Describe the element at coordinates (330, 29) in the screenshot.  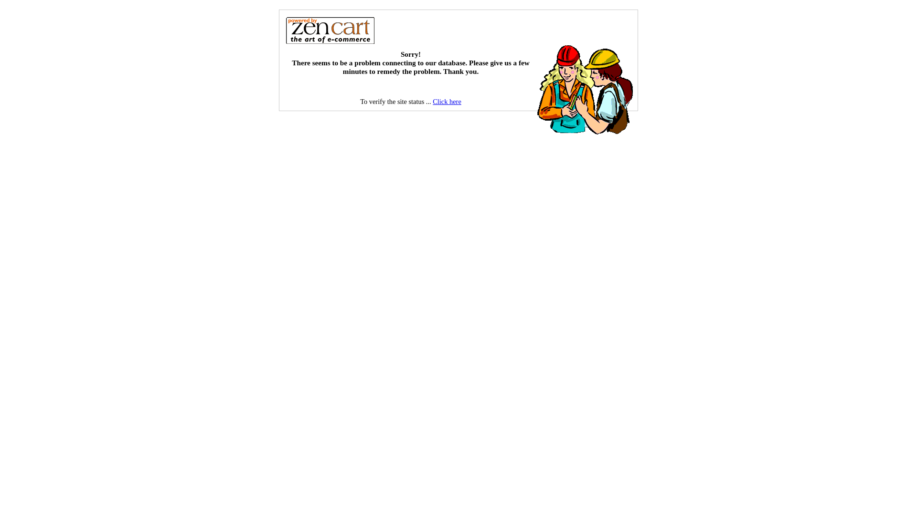
I see `'This Is my store logo. [home link]'` at that location.